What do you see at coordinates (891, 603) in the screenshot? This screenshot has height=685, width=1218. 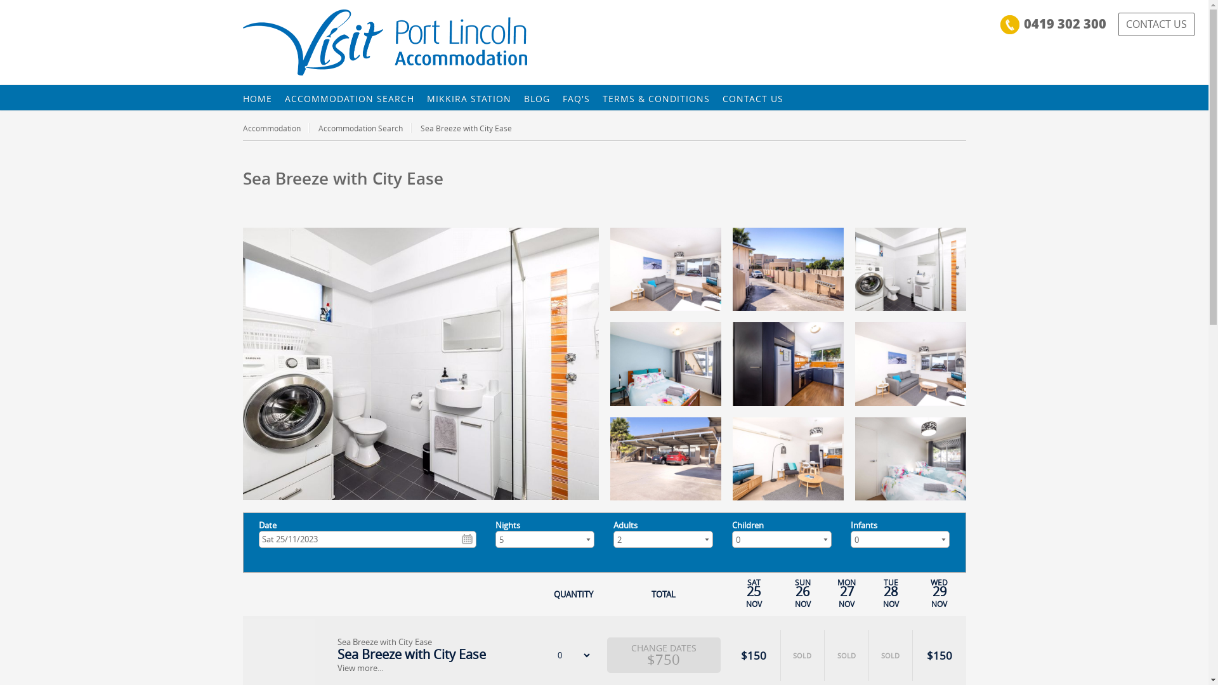 I see `'NOV'` at bounding box center [891, 603].